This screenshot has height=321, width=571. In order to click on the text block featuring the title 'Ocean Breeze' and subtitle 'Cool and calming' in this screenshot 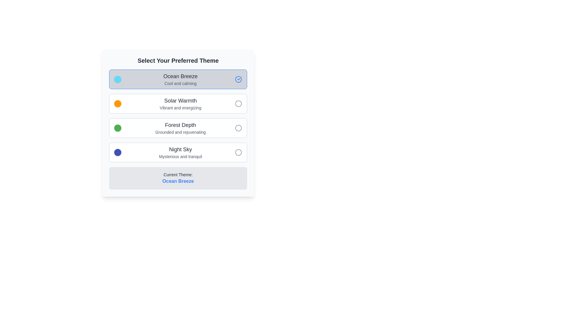, I will do `click(180, 79)`.